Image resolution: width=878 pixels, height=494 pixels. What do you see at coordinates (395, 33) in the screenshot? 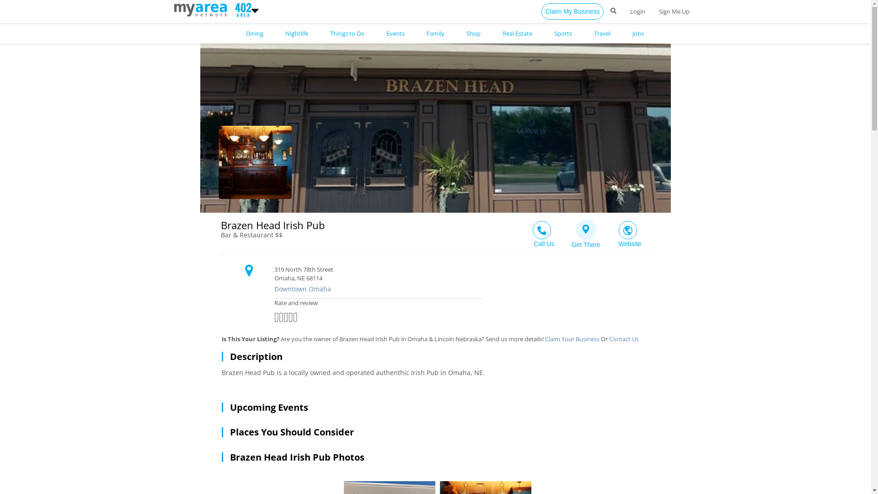
I see `'Events'` at bounding box center [395, 33].